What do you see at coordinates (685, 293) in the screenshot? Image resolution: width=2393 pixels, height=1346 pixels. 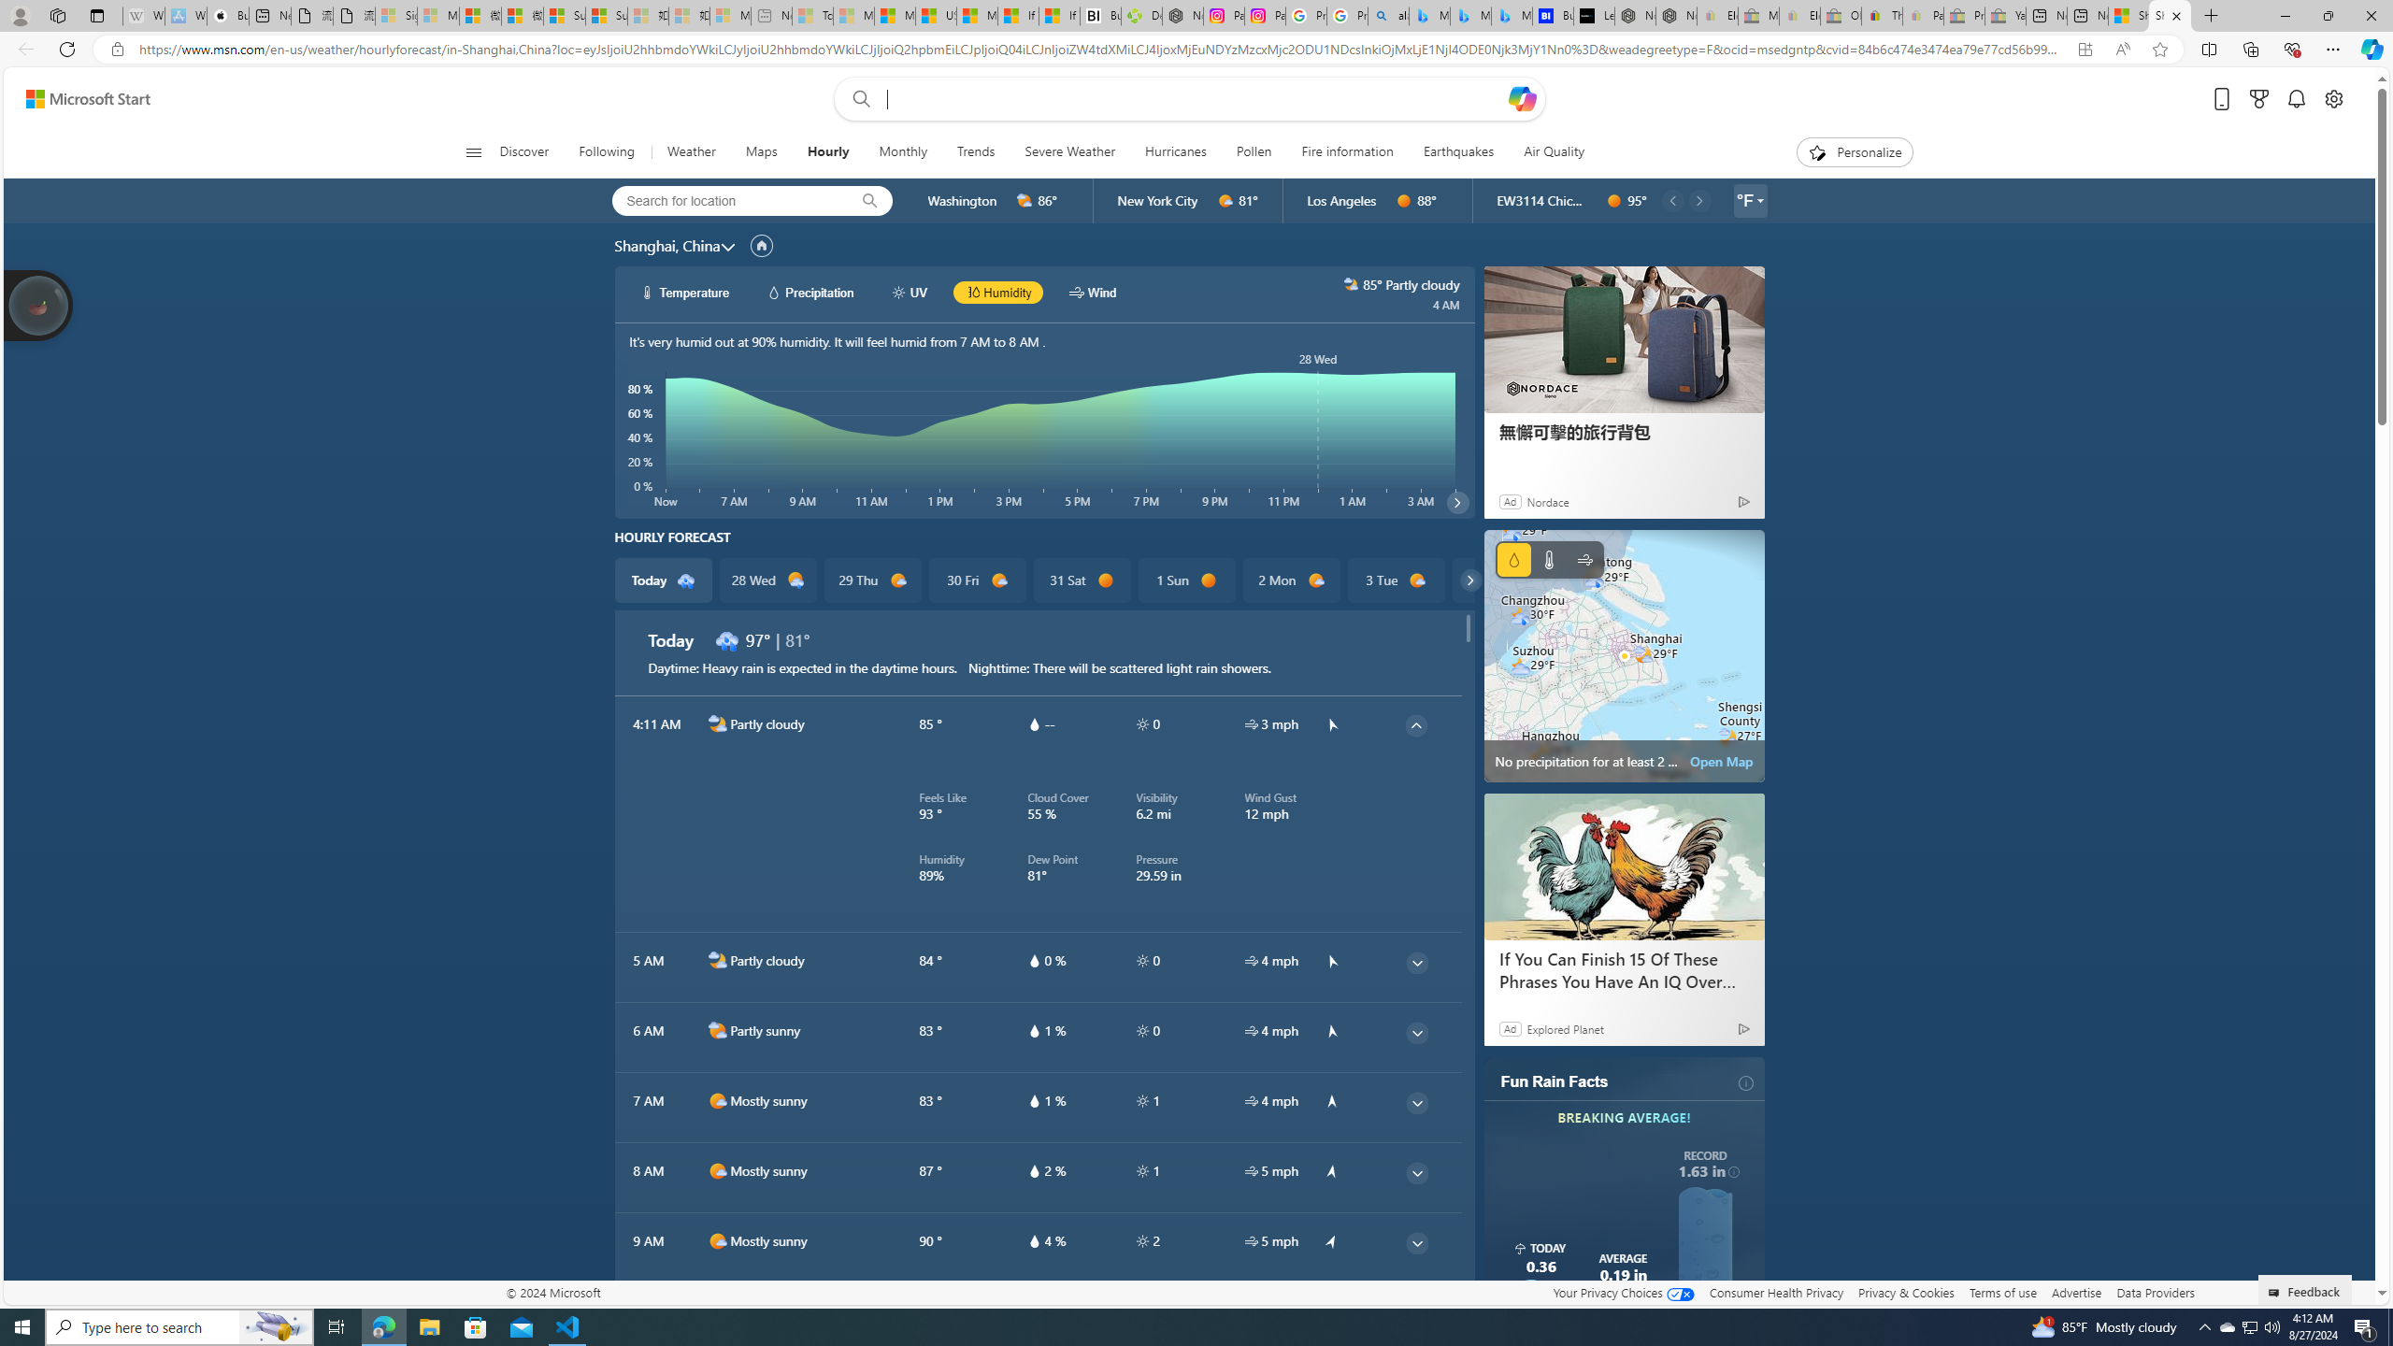 I see `'hourlyChart/temperatureWhite Temperature'` at bounding box center [685, 293].